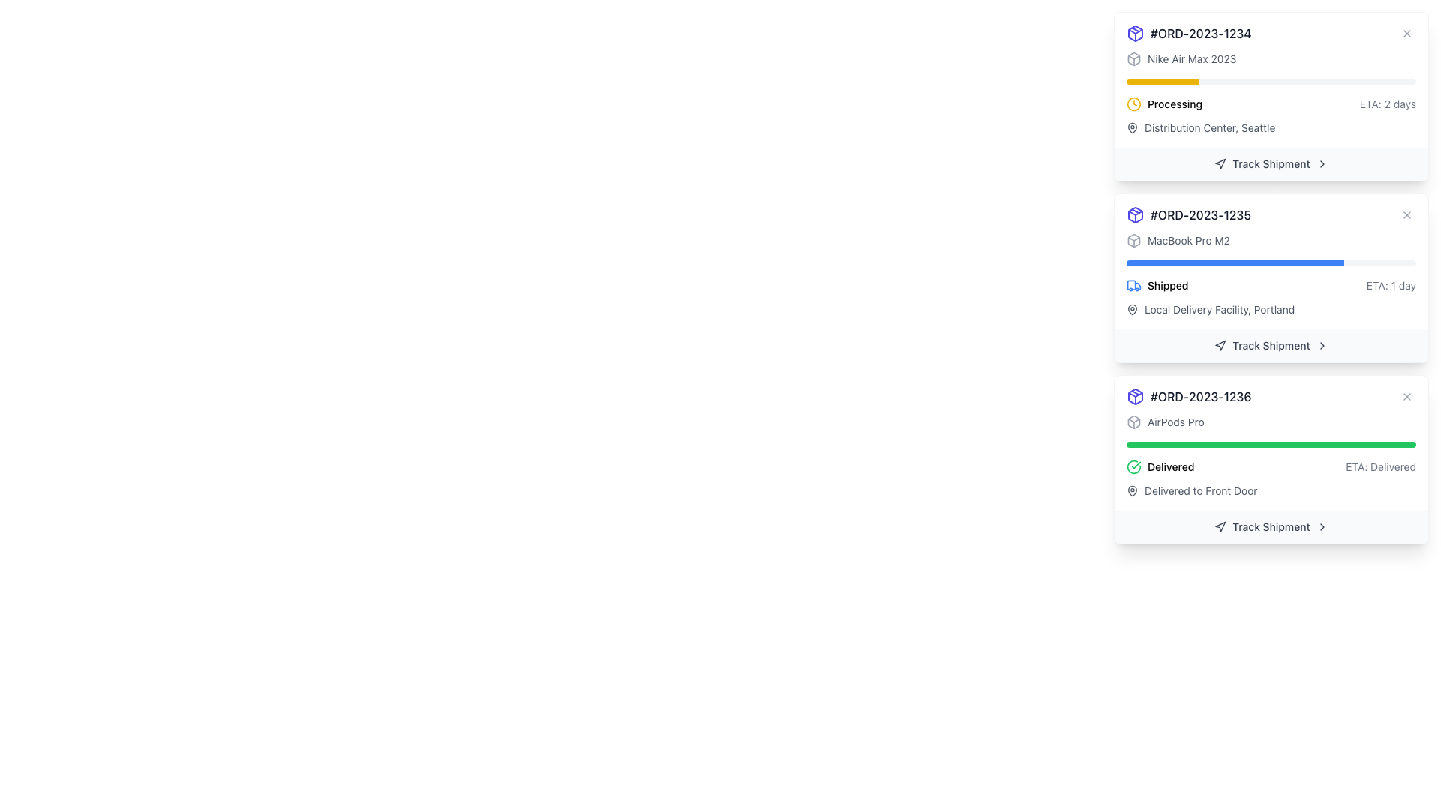  Describe the element at coordinates (1381, 466) in the screenshot. I see `the text label displaying the estimated time of arrival for the delivery status labeled 'Delivered', which is located in the bottom-right section of the third card, to the right of the 'Delivered' label and the green progress bar` at that location.